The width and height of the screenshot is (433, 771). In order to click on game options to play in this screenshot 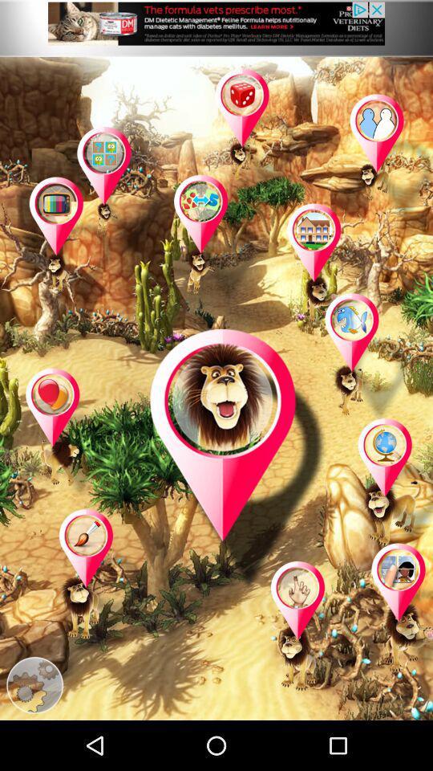, I will do `click(72, 243)`.